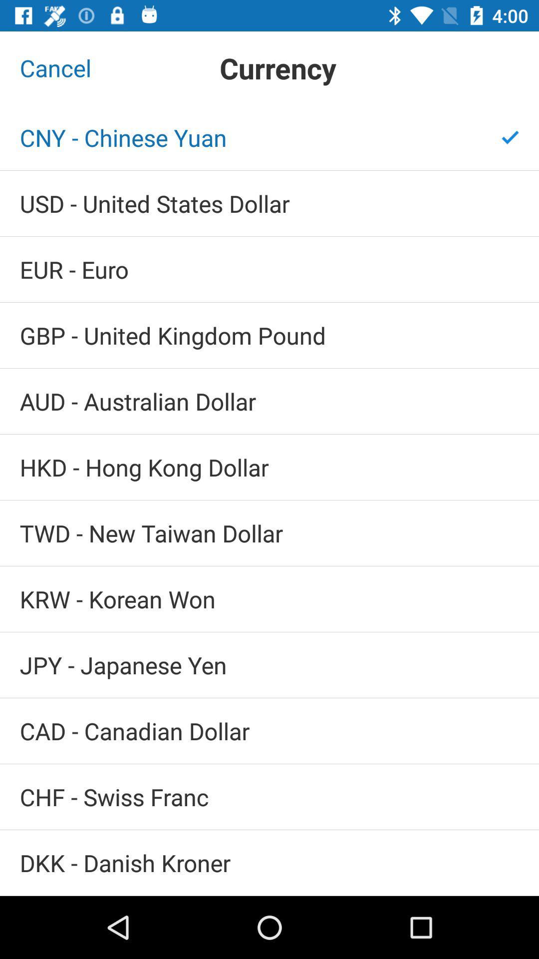  Describe the element at coordinates (269, 532) in the screenshot. I see `the icon below hkd hong kong icon` at that location.